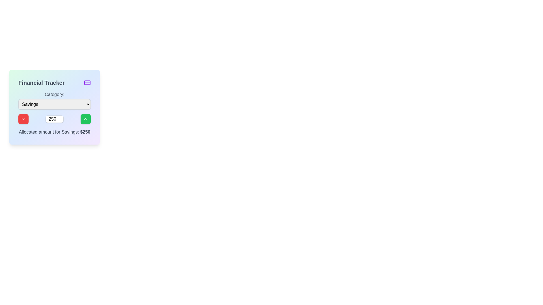  What do you see at coordinates (54, 94) in the screenshot?
I see `text label displaying 'Category:' which is positioned above the dropdown menu in the Financial Tracker section` at bounding box center [54, 94].